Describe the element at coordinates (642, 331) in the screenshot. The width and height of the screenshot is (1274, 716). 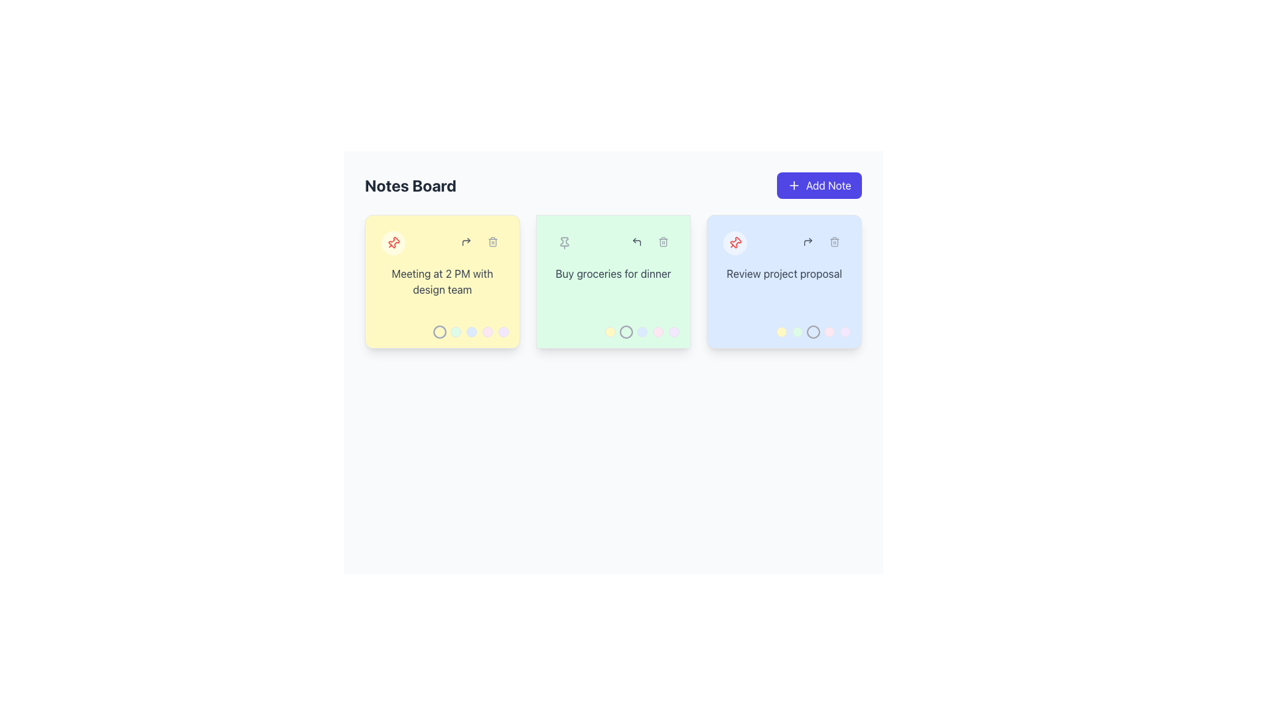
I see `the circular toggle button with a blue background and gray border, located at the bottom-right corner of the 'Buy groceries for dinner' note card` at that location.